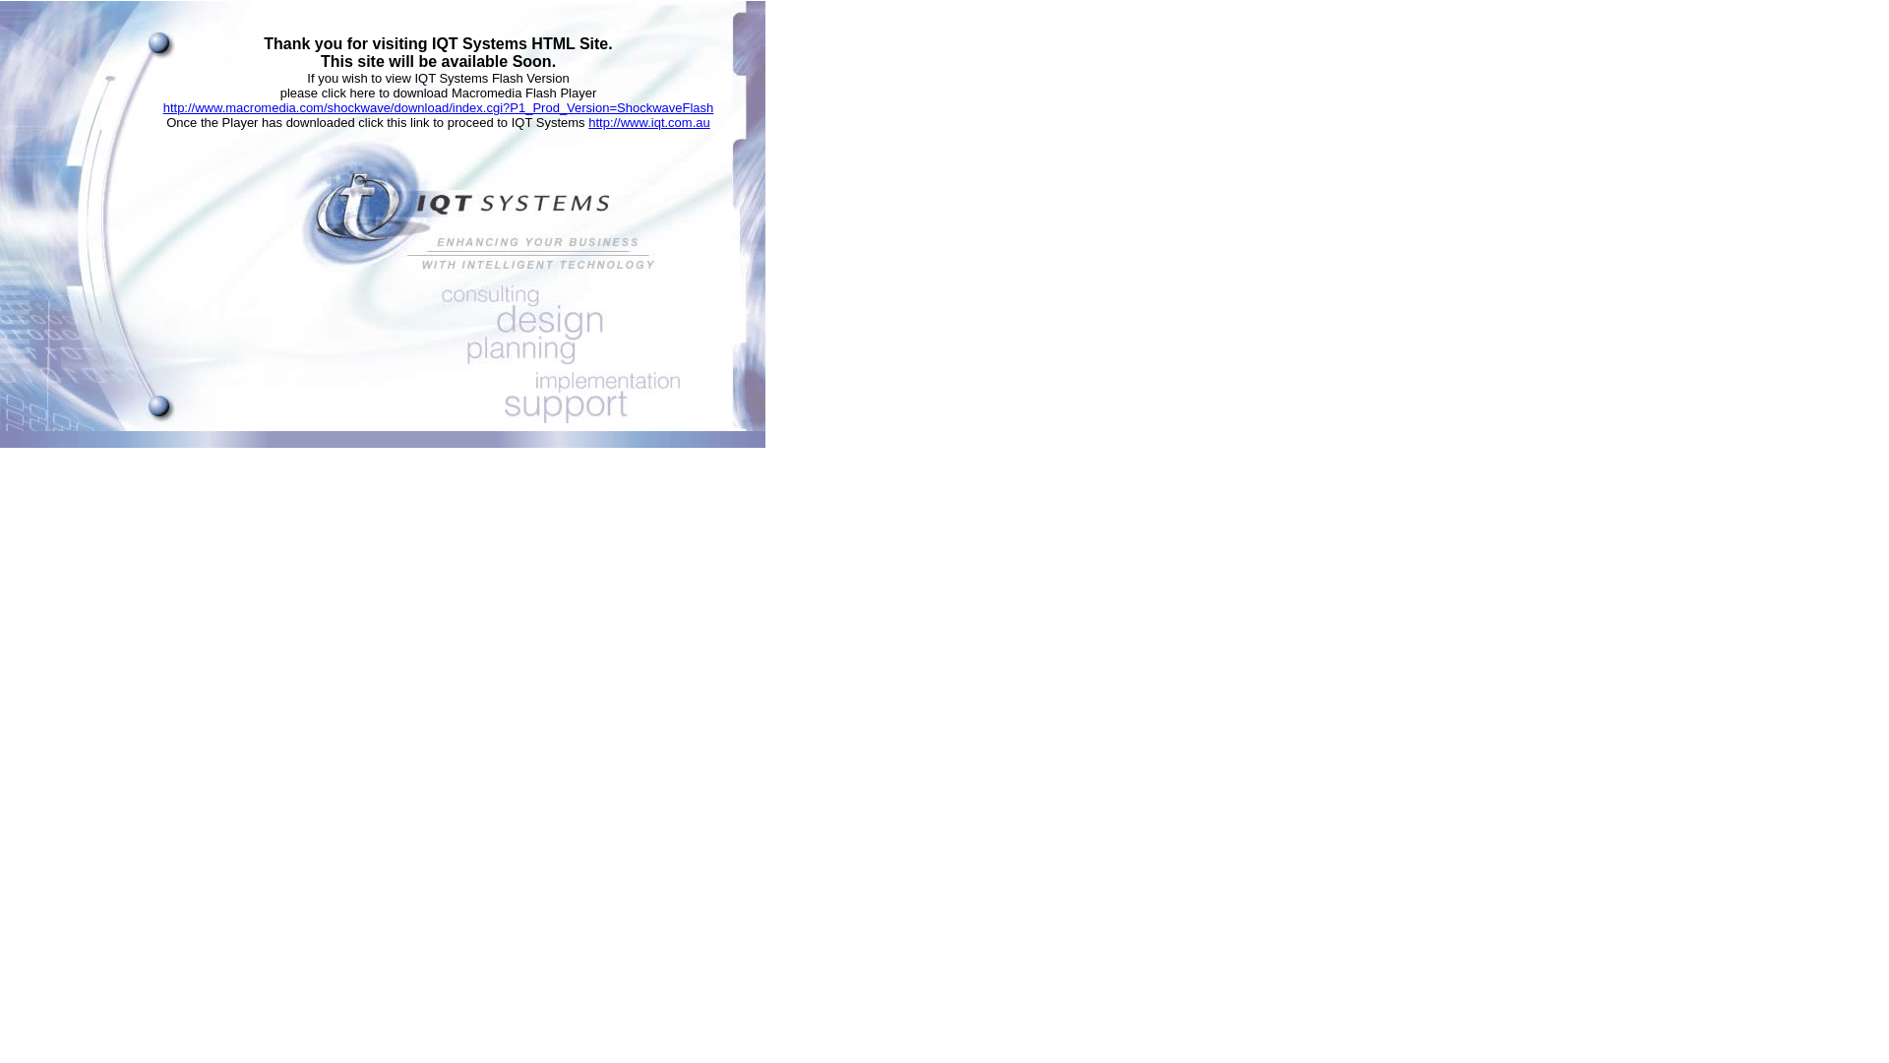 Image resolution: width=1889 pixels, height=1063 pixels. What do you see at coordinates (649, 122) in the screenshot?
I see `'http://www.iqt.com.au'` at bounding box center [649, 122].